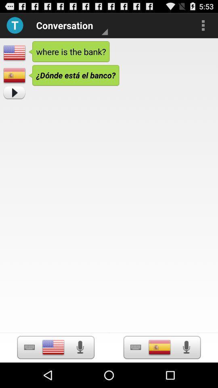 The image size is (218, 388). Describe the element at coordinates (53, 347) in the screenshot. I see `country blog` at that location.